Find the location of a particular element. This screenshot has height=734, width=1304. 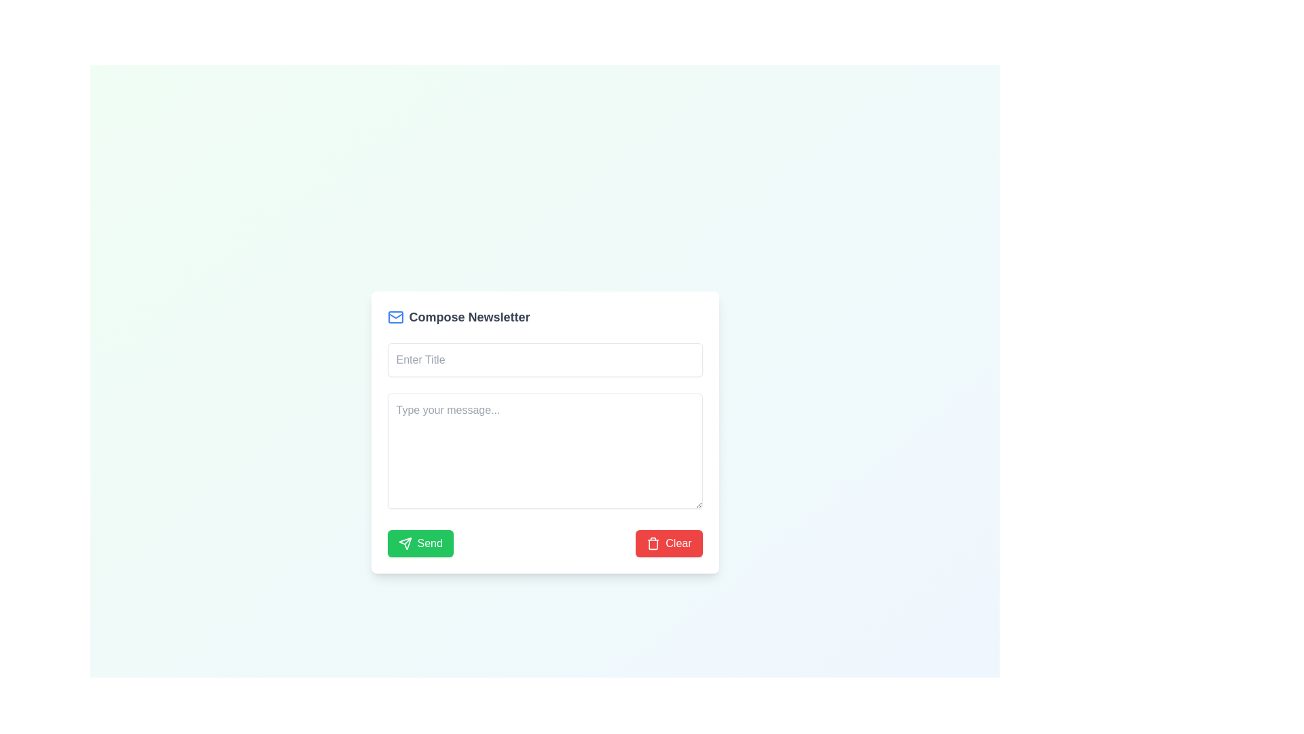

the 'Clear' button located in the bottom-right corner of the 'Compose Newsletter' section is located at coordinates (669, 542).